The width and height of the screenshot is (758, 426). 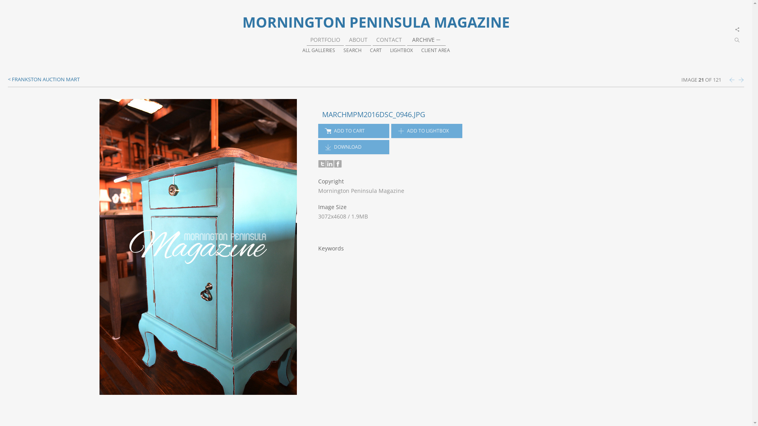 I want to click on 'ADD TO LIGHTBOX', so click(x=426, y=130).